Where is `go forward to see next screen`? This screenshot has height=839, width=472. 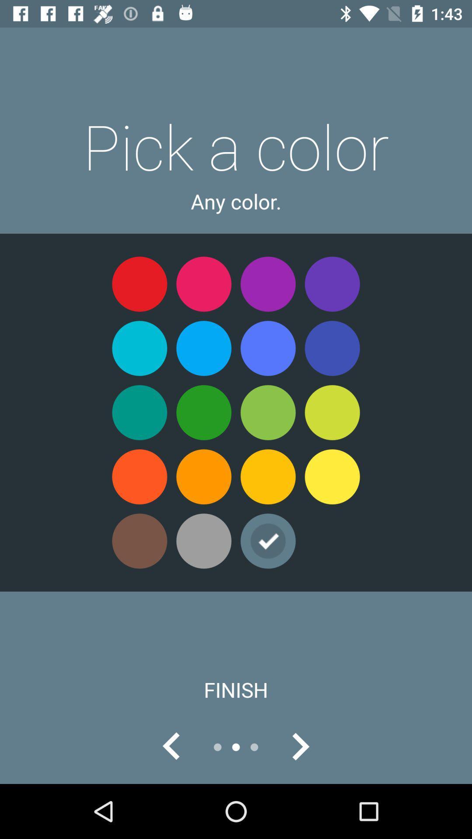 go forward to see next screen is located at coordinates (299, 746).